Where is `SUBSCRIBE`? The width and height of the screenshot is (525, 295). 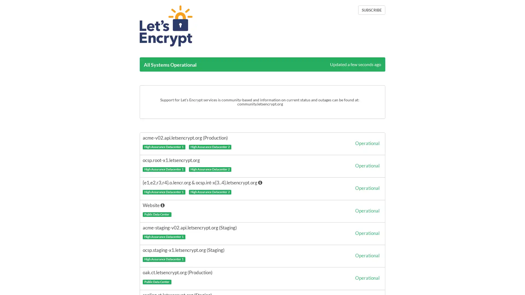
SUBSCRIBE is located at coordinates (371, 10).